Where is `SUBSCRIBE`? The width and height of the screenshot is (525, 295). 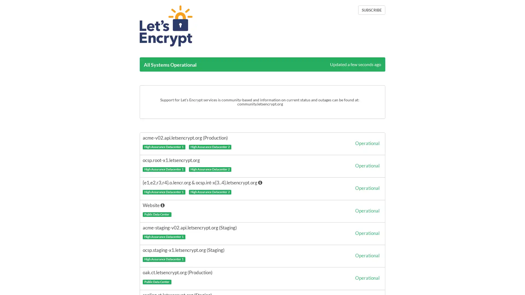
SUBSCRIBE is located at coordinates (371, 10).